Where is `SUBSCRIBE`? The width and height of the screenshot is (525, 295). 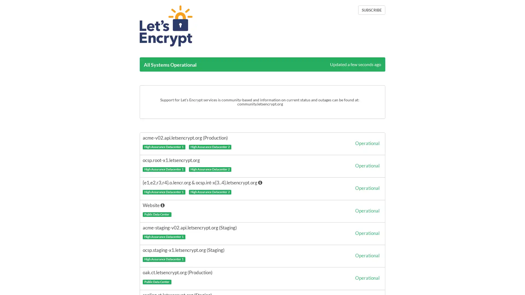
SUBSCRIBE is located at coordinates (371, 10).